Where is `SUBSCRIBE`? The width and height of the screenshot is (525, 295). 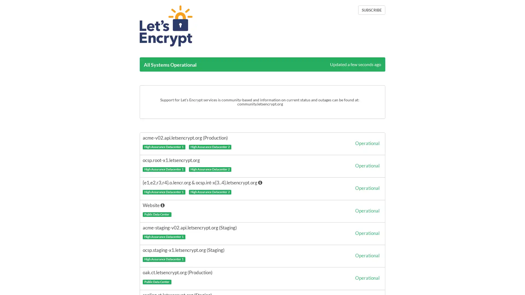
SUBSCRIBE is located at coordinates (371, 10).